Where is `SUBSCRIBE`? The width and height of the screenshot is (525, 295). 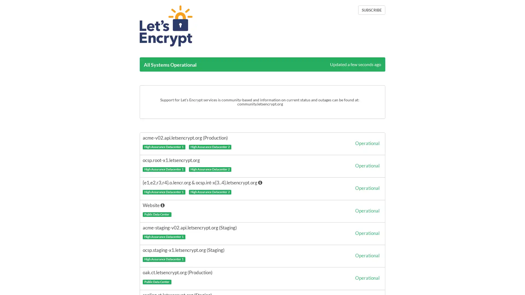
SUBSCRIBE is located at coordinates (371, 10).